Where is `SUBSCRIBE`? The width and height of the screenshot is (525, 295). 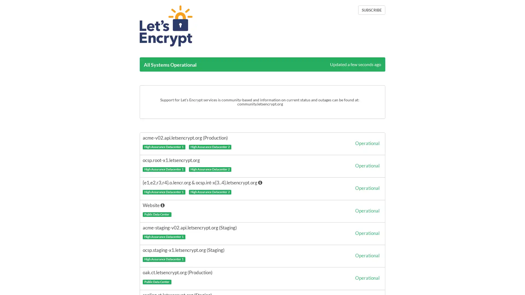
SUBSCRIBE is located at coordinates (371, 10).